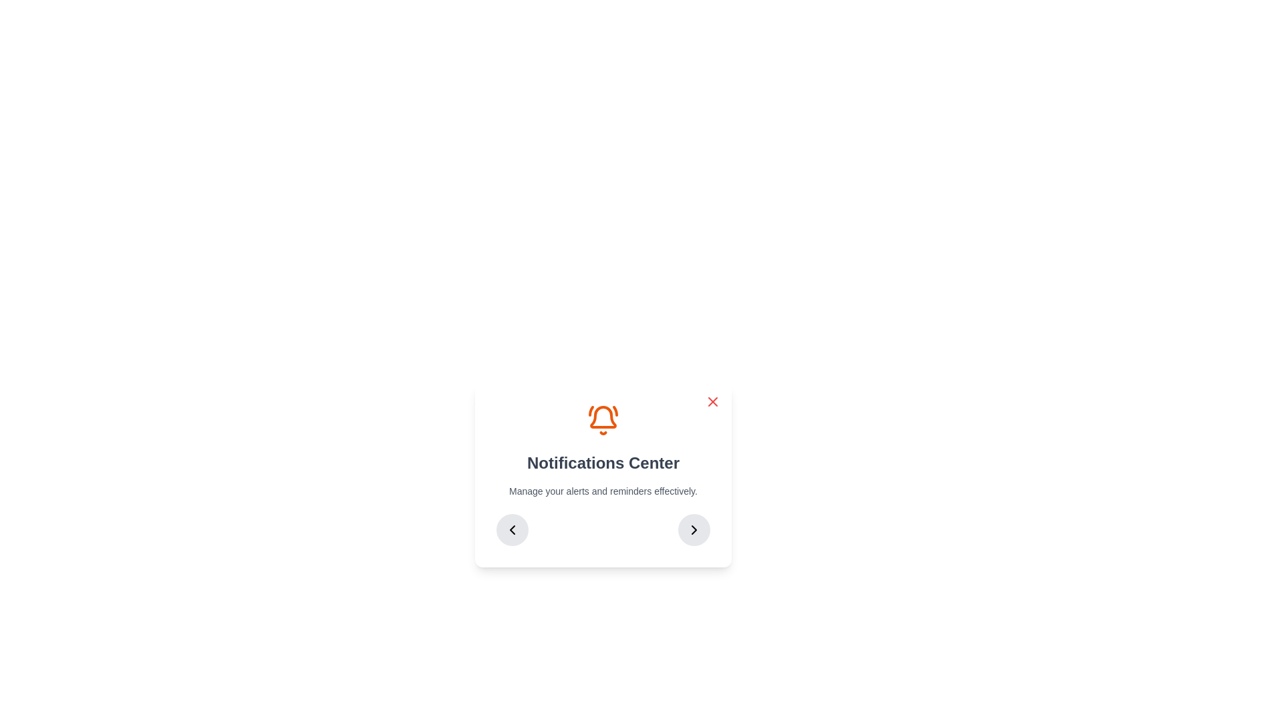 This screenshot has height=721, width=1283. Describe the element at coordinates (512, 529) in the screenshot. I see `the leftward Chevron Icon located in a light gray circular button at the bottom left corner of the Notifications Center card` at that location.